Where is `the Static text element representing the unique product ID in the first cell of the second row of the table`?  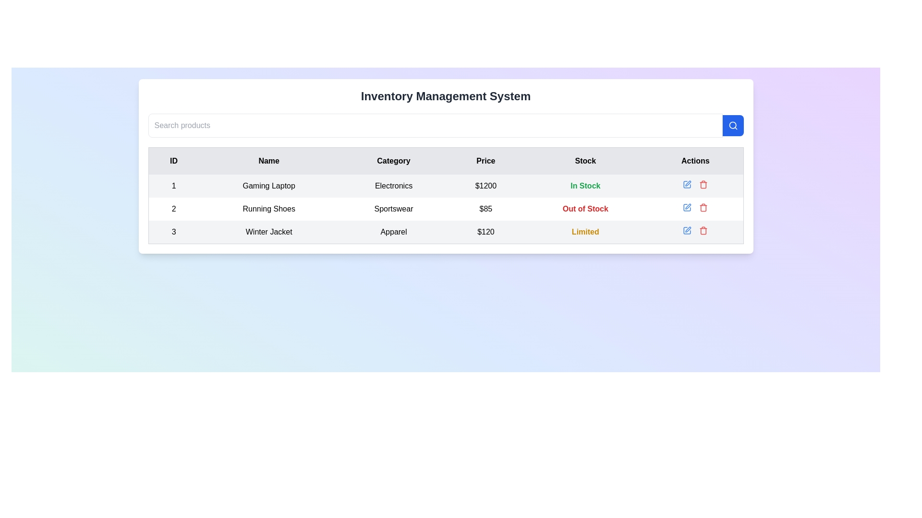
the Static text element representing the unique product ID in the first cell of the second row of the table is located at coordinates (173, 208).